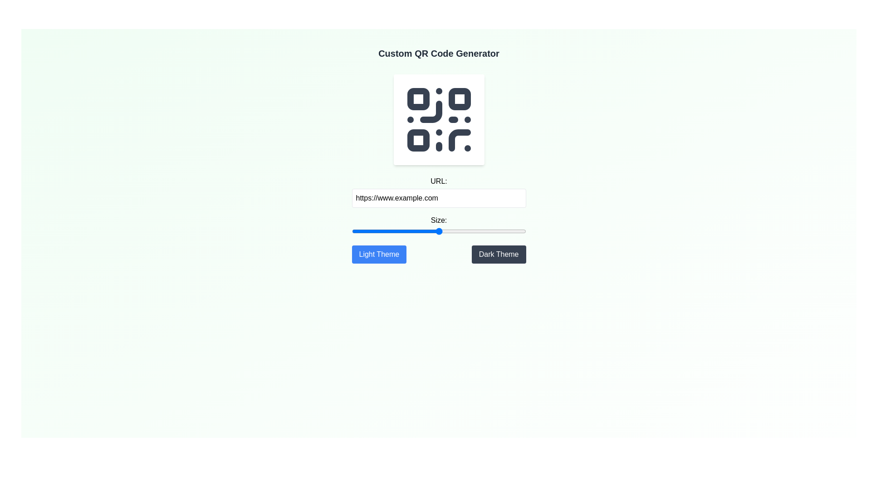 The width and height of the screenshot is (871, 490). Describe the element at coordinates (449, 230) in the screenshot. I see `the slider` at that location.